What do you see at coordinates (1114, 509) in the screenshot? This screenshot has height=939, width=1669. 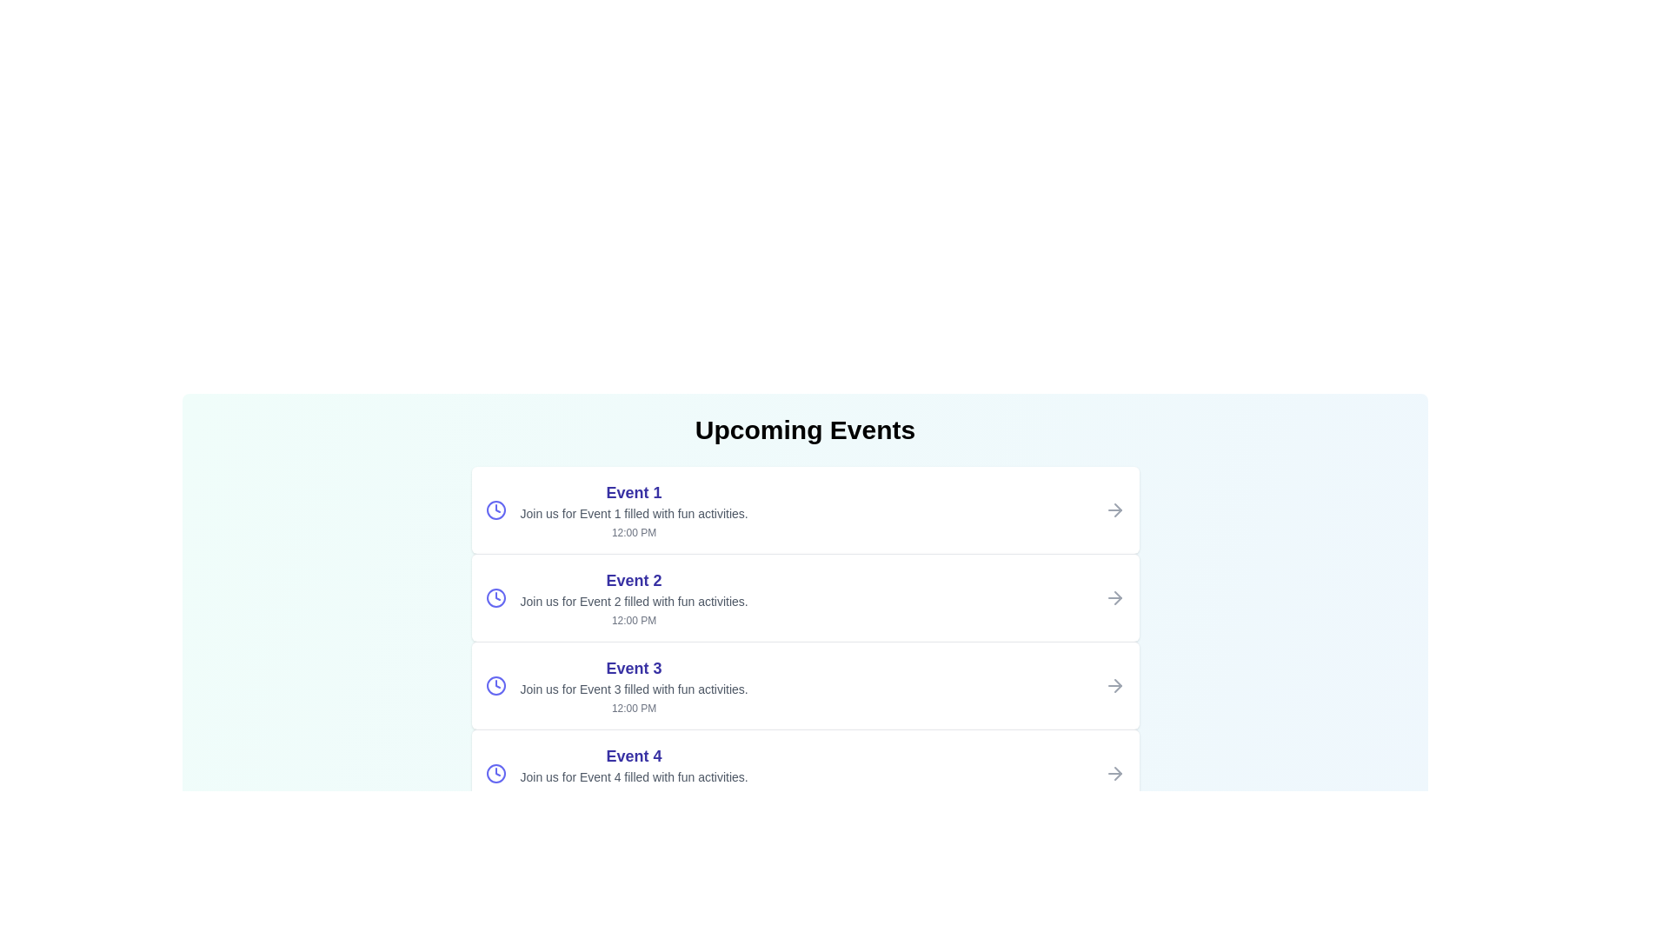 I see `the arrow icon next to the event to navigate to its details` at bounding box center [1114, 509].